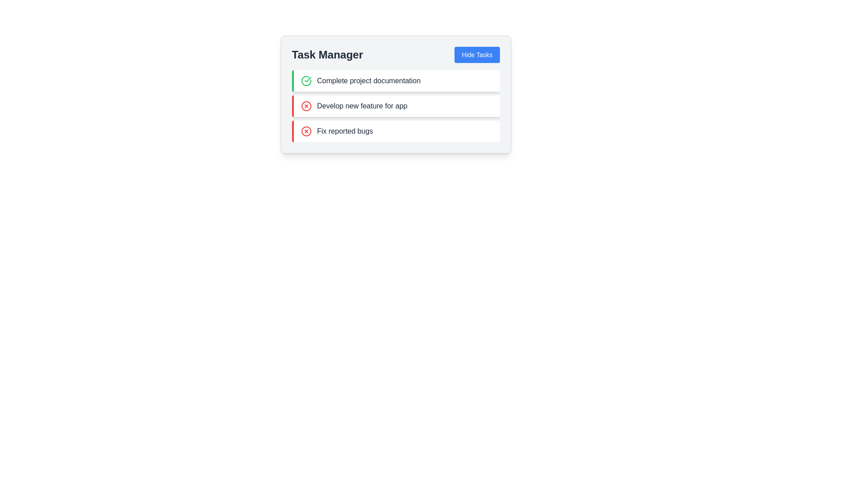 Image resolution: width=864 pixels, height=486 pixels. I want to click on the circular red outlined icon with an 'X' in the middle, located to the left of the text 'Fix reported bugs' in the third row of tasks, so click(306, 131).